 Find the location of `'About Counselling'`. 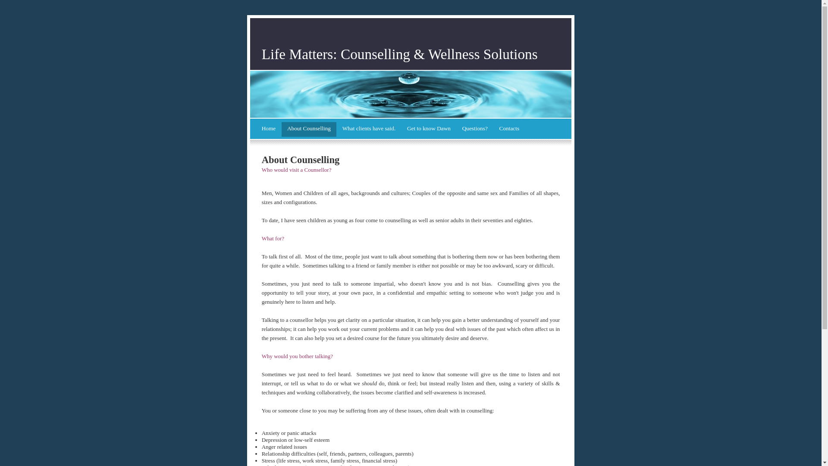

'About Counselling' is located at coordinates (309, 129).